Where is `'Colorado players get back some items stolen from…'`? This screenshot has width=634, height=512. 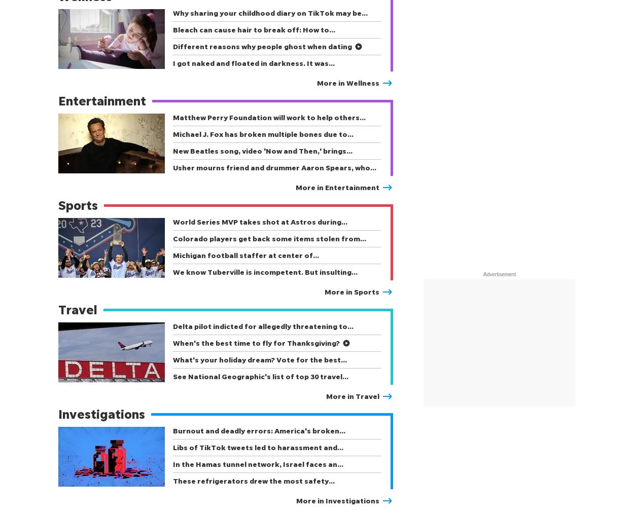 'Colorado players get back some items stolen from…' is located at coordinates (269, 238).